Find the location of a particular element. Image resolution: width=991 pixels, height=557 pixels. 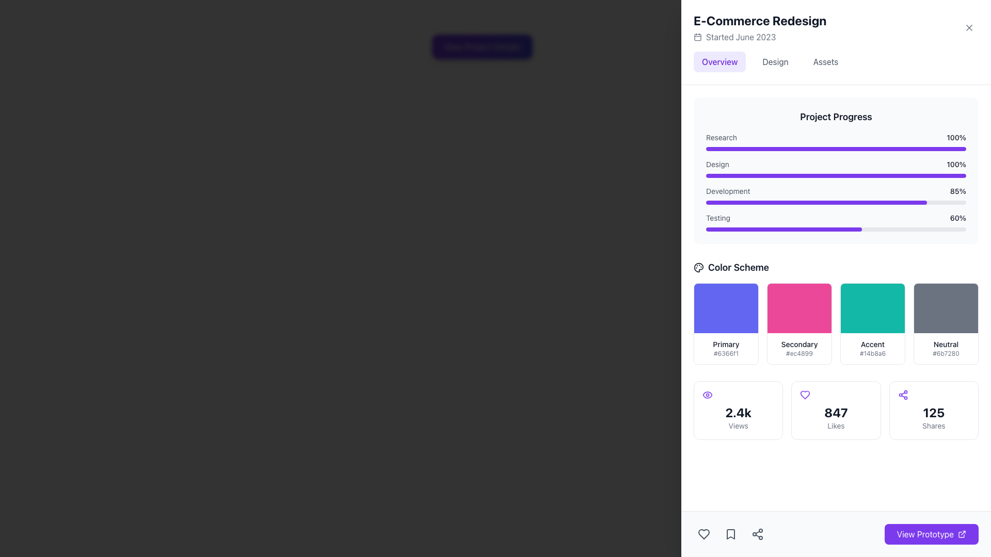

the calendar icon located is located at coordinates (698, 37).